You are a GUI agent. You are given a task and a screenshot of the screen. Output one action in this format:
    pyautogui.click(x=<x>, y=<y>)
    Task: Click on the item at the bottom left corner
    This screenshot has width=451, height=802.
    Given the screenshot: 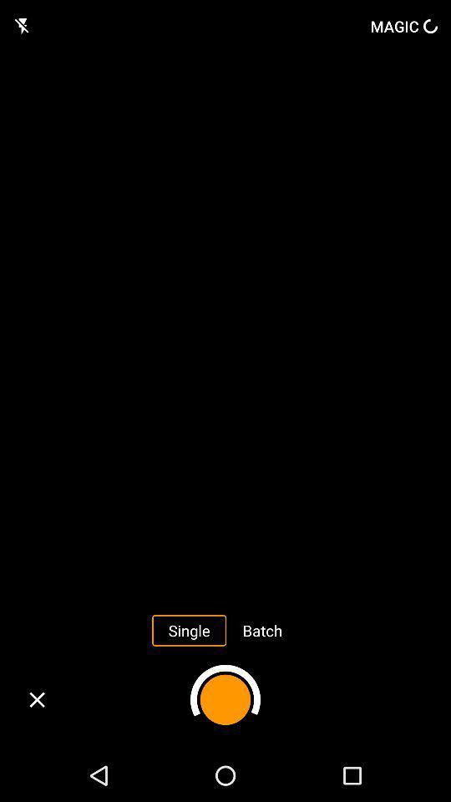 What is the action you would take?
    pyautogui.click(x=37, y=699)
    